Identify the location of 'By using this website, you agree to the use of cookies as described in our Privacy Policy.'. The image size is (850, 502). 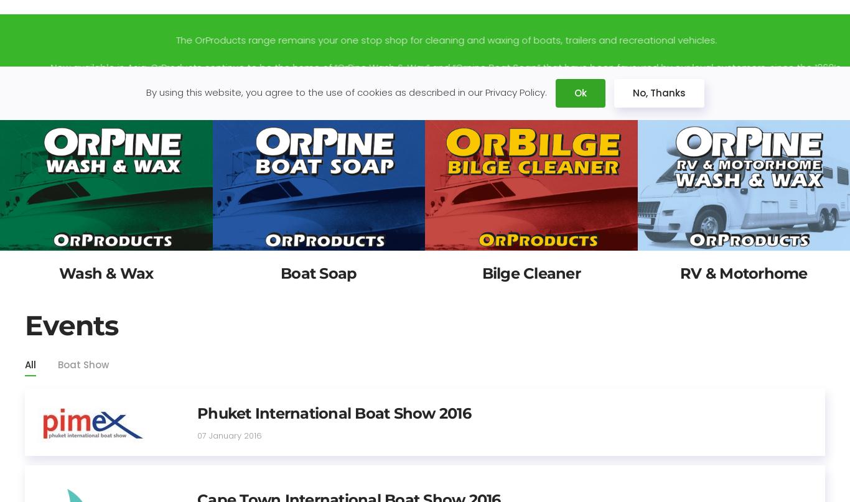
(347, 91).